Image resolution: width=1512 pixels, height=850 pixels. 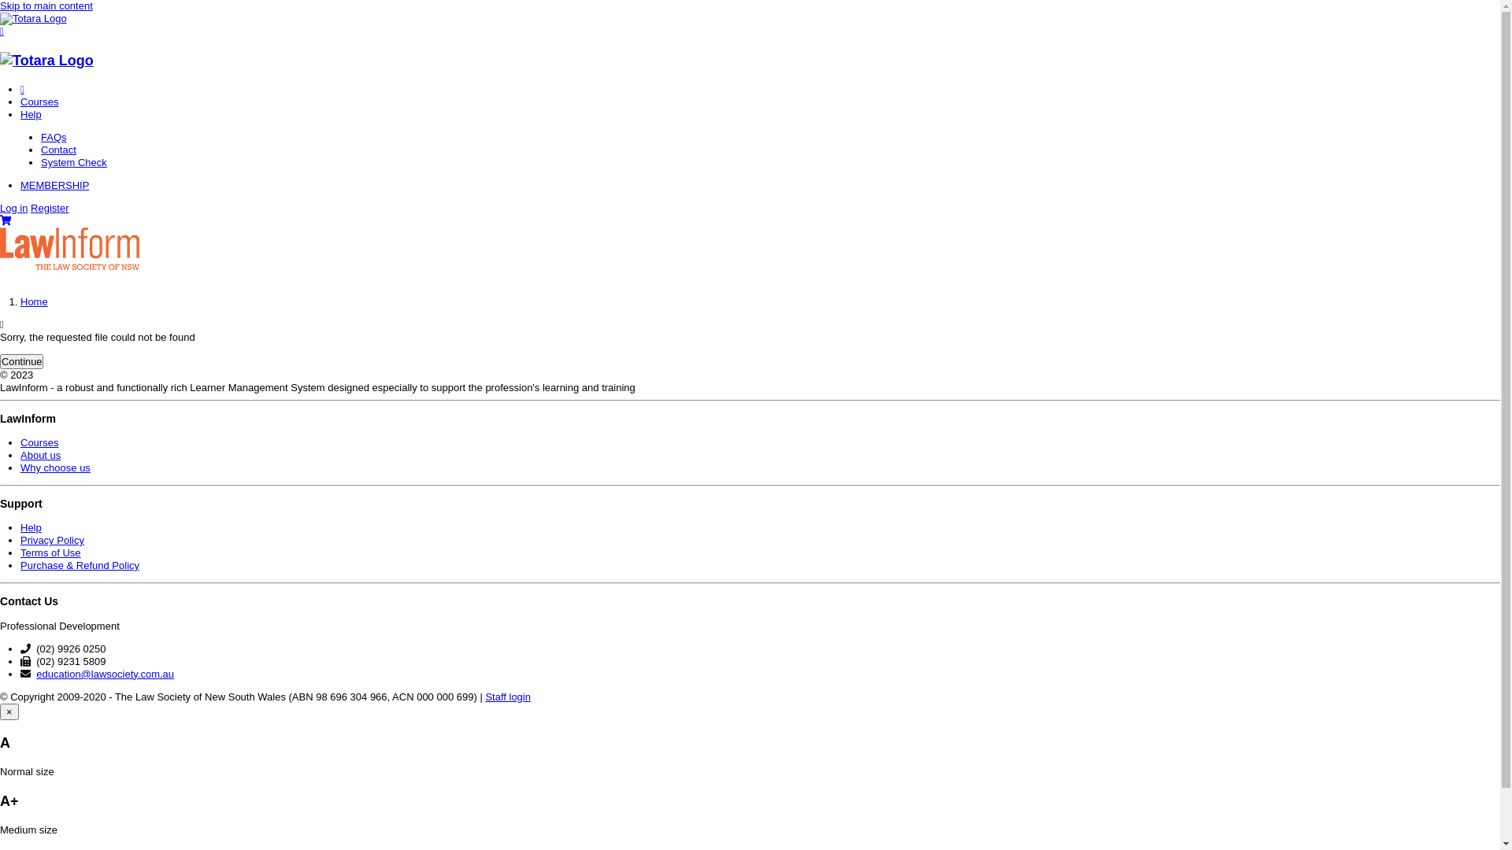 What do you see at coordinates (20, 539) in the screenshot?
I see `'Privacy Policy'` at bounding box center [20, 539].